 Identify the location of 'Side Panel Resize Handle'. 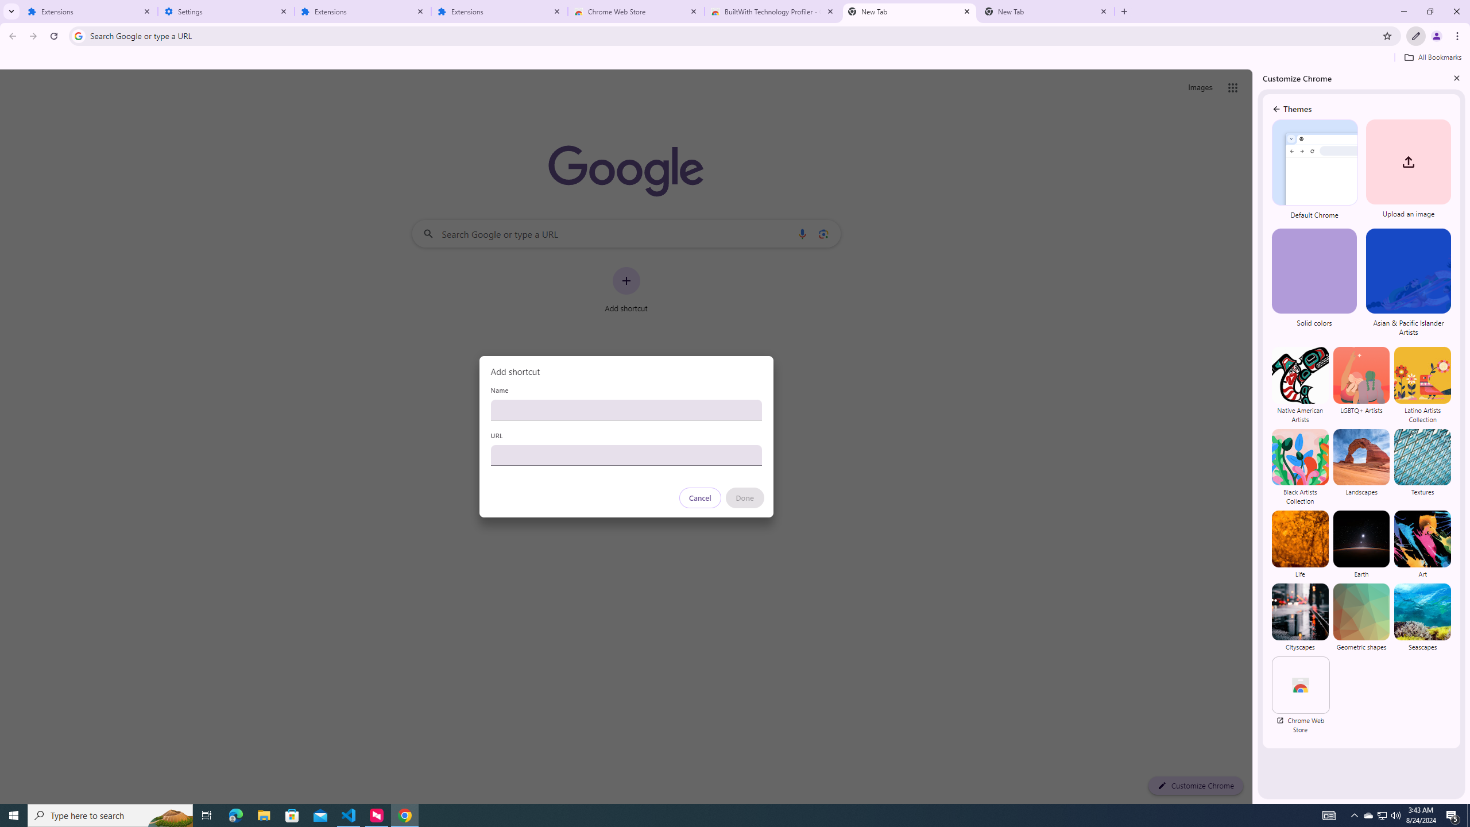
(1255, 435).